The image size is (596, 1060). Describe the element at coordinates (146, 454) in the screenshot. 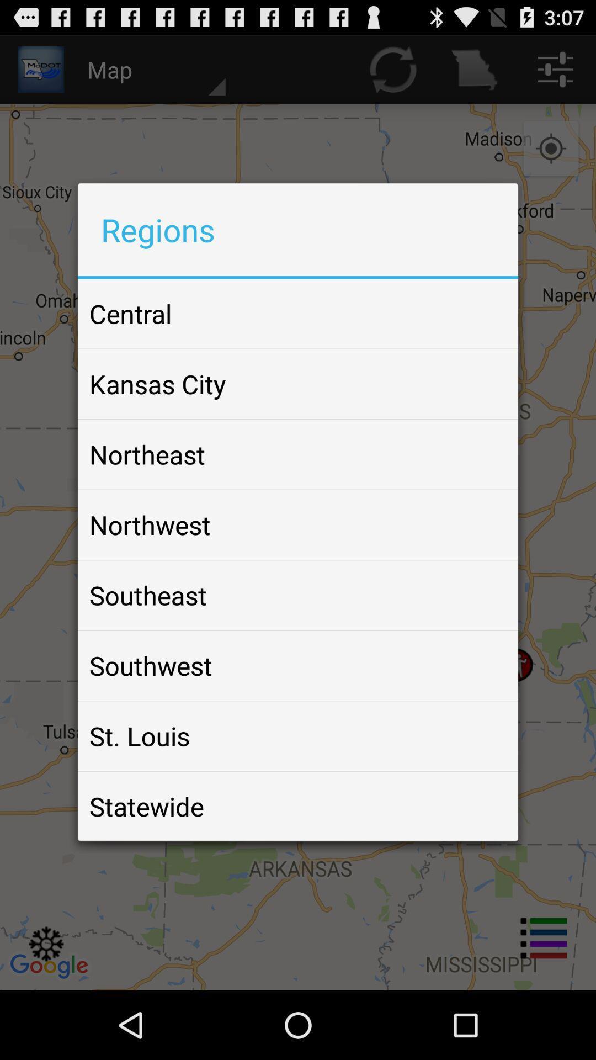

I see `northeast item` at that location.